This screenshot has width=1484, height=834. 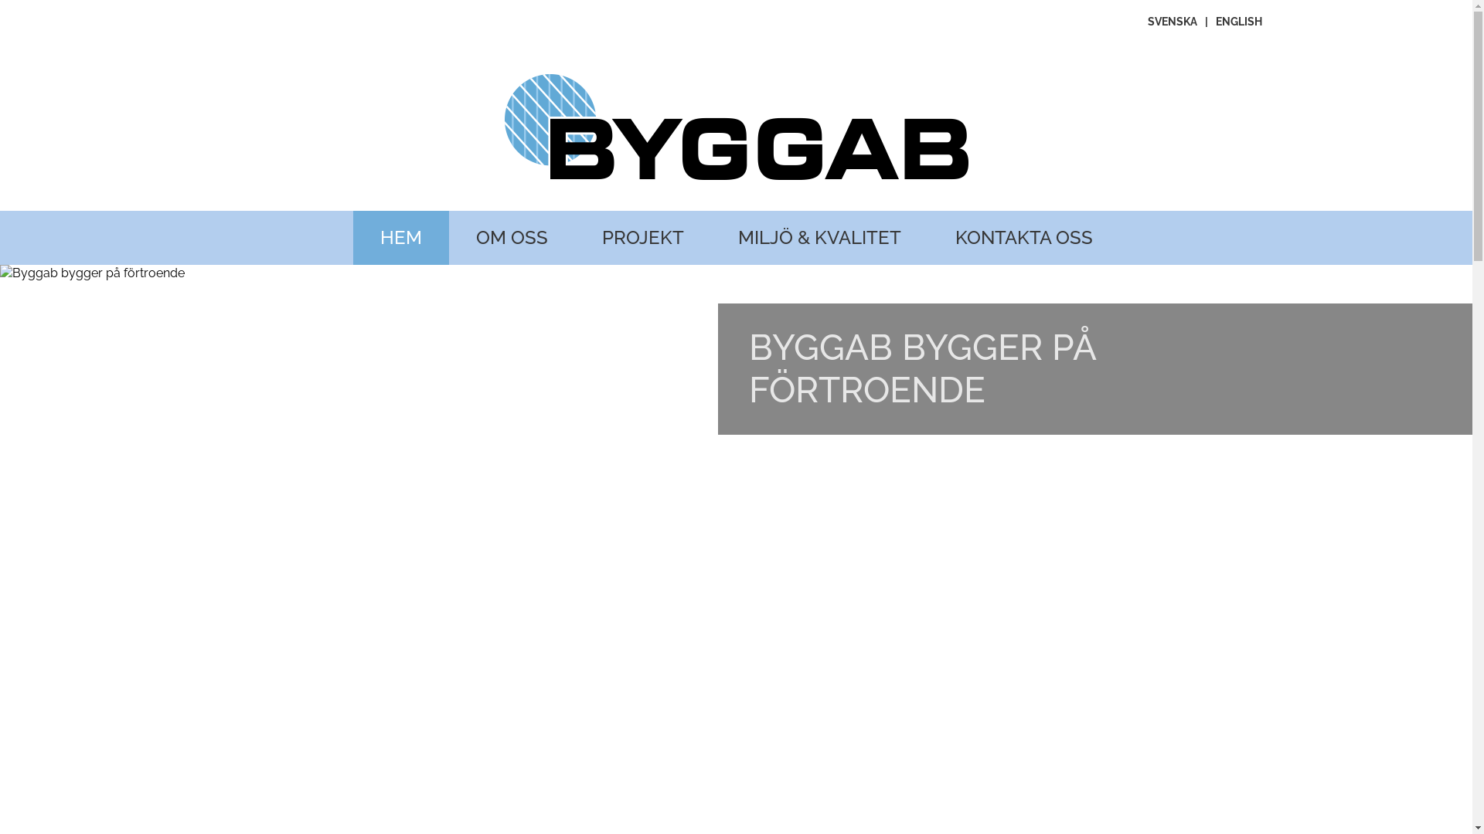 I want to click on 'HEM', so click(x=400, y=238).